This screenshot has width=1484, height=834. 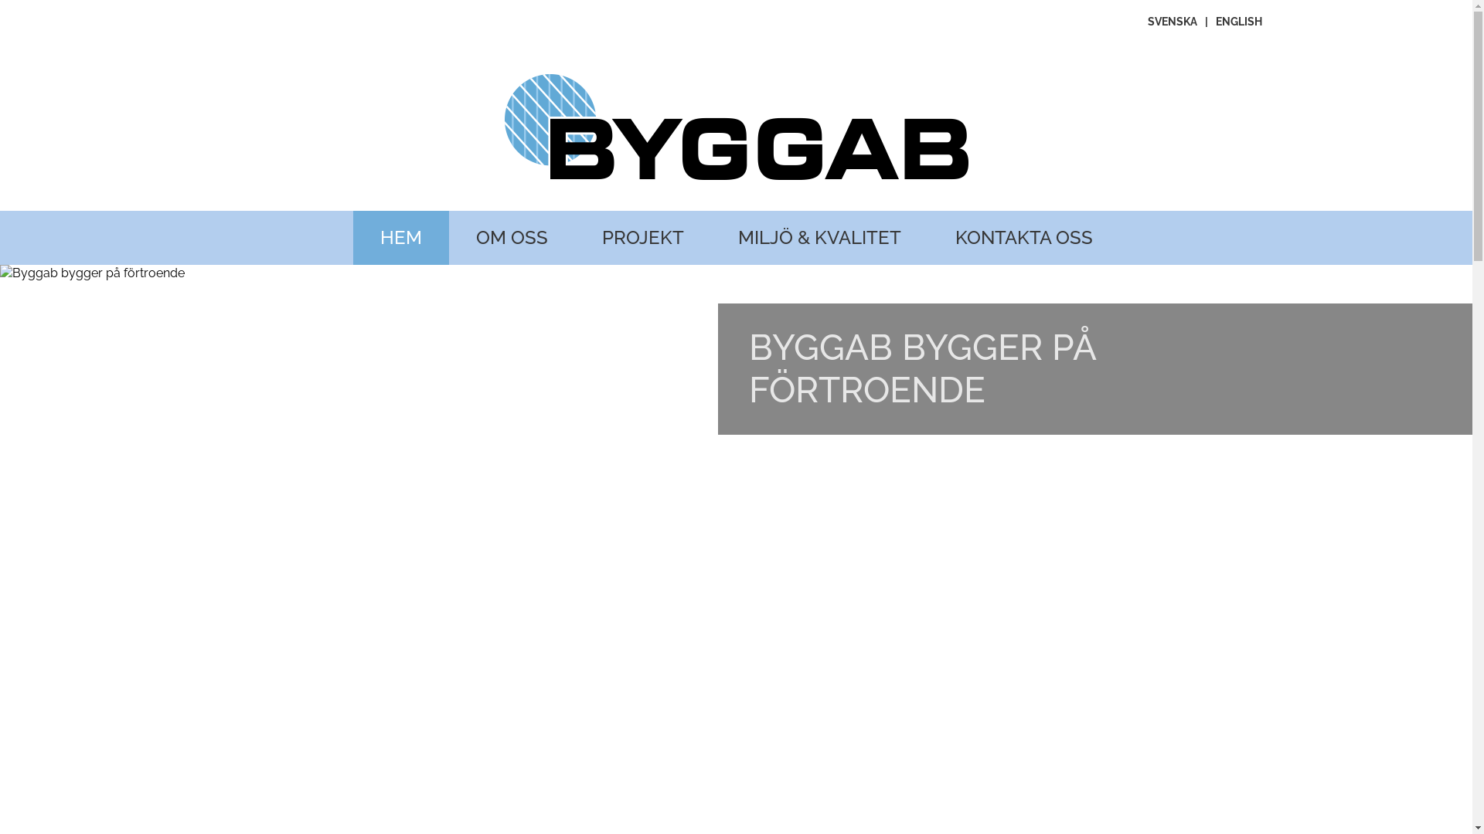 I want to click on 'HEM', so click(x=400, y=238).